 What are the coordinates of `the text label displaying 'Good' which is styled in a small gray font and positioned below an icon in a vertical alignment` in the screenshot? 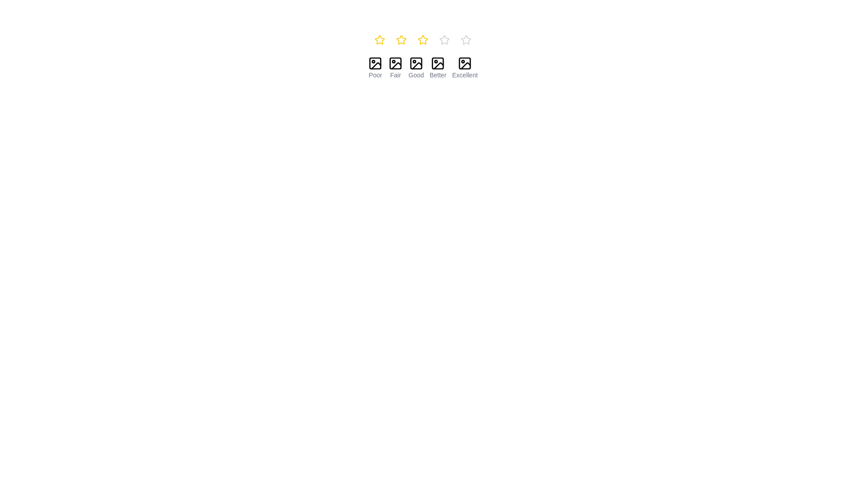 It's located at (415, 74).